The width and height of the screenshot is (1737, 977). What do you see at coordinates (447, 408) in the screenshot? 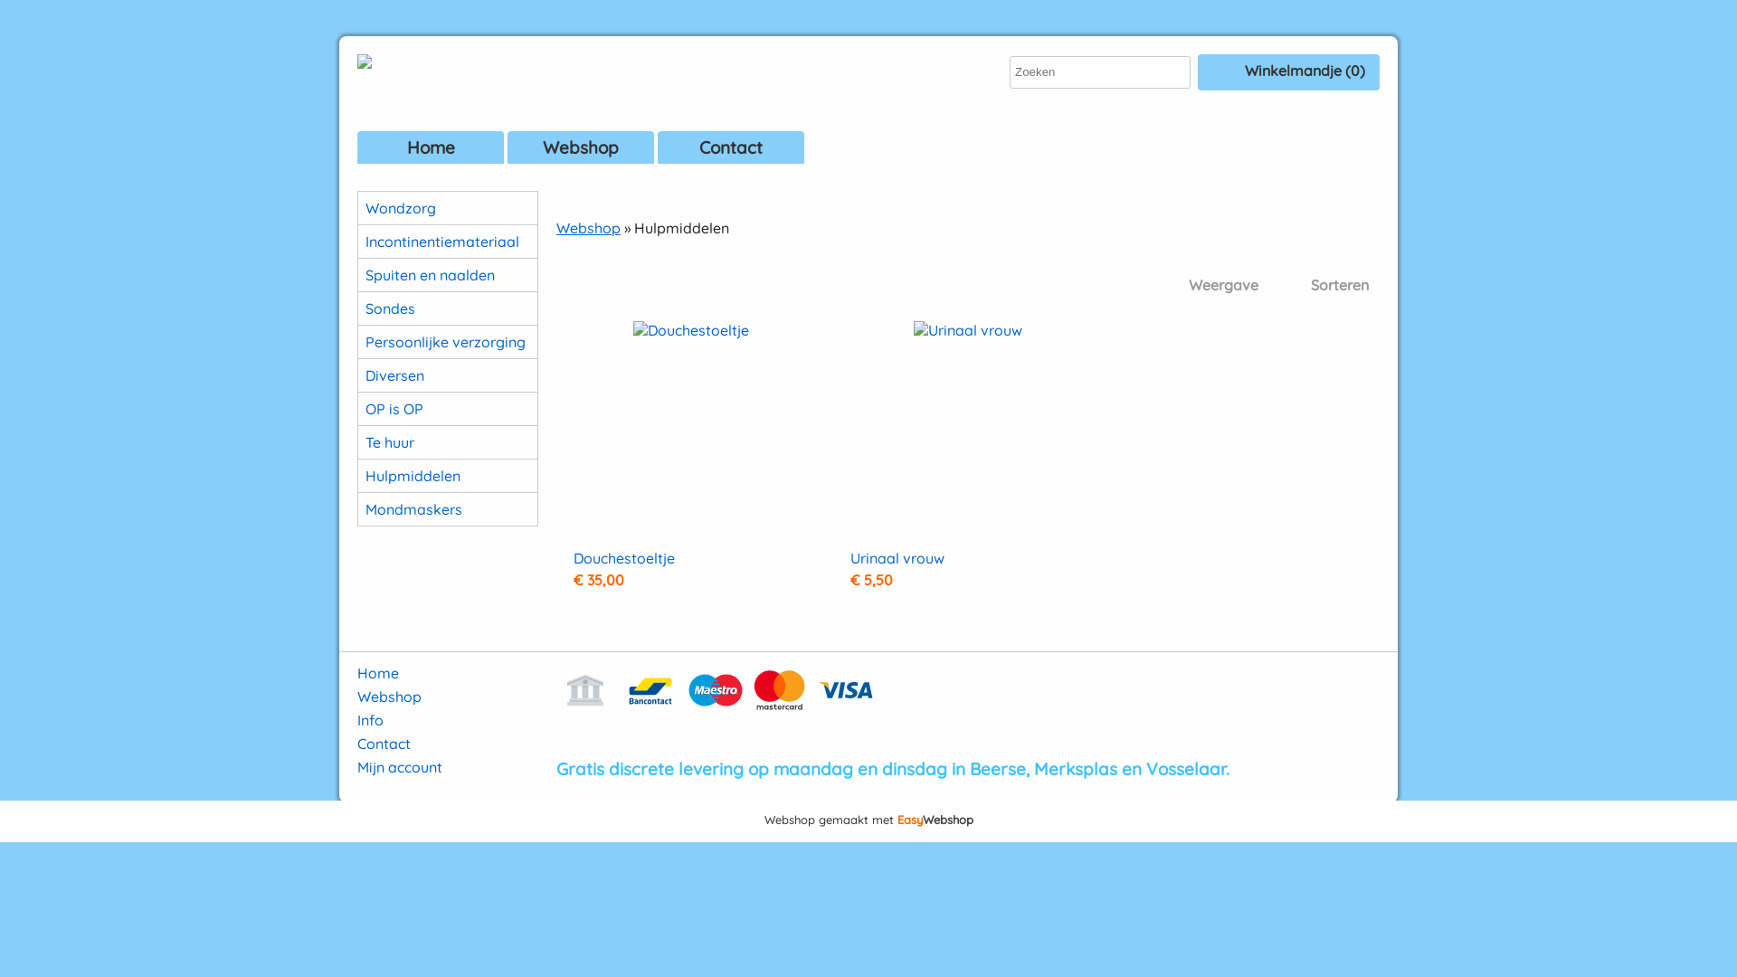
I see `'OP is OP'` at bounding box center [447, 408].